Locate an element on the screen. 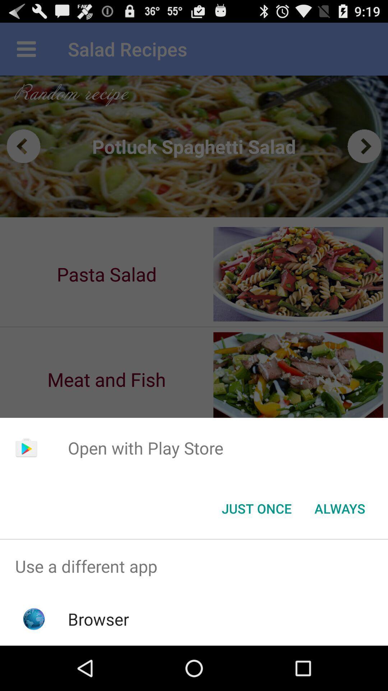  the app below use a different icon is located at coordinates (98, 619).